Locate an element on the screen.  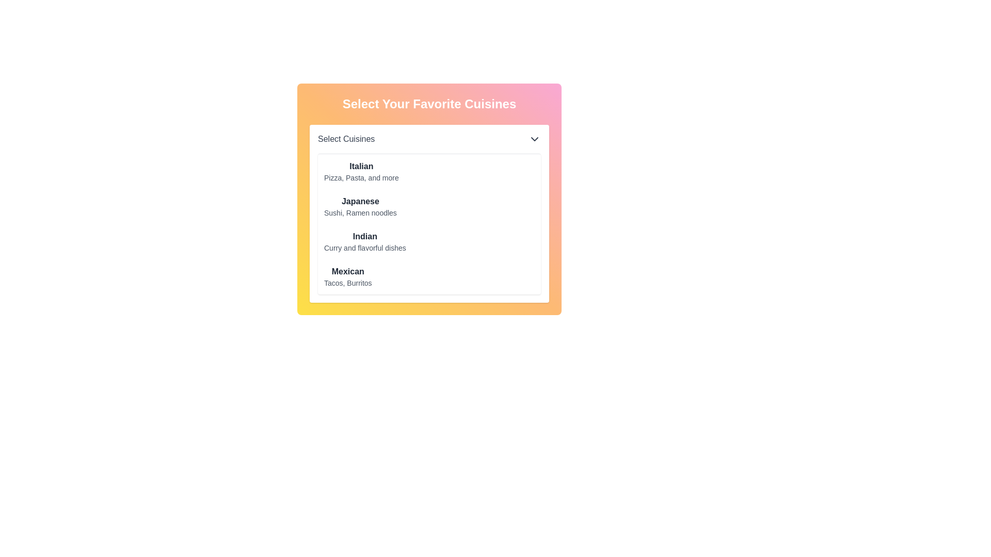
the text label displaying 'Pizza, Pasta, and more', which is located beneath the 'Italian' heading in the dropdown menu is located at coordinates (361, 177).